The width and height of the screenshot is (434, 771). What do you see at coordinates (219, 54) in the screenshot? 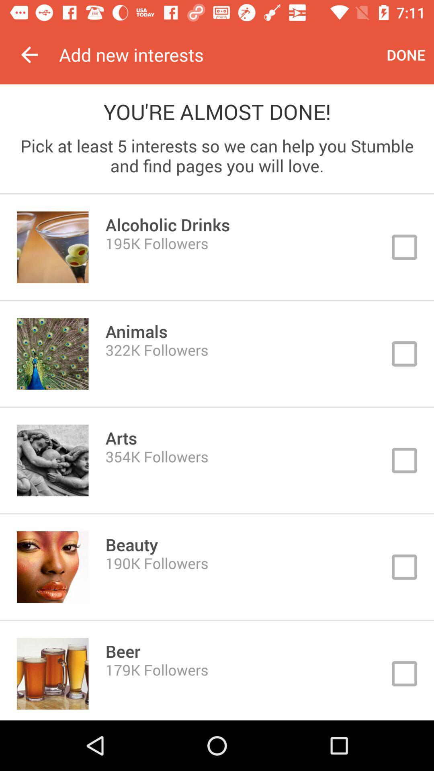
I see `the icon to the left of done icon` at bounding box center [219, 54].